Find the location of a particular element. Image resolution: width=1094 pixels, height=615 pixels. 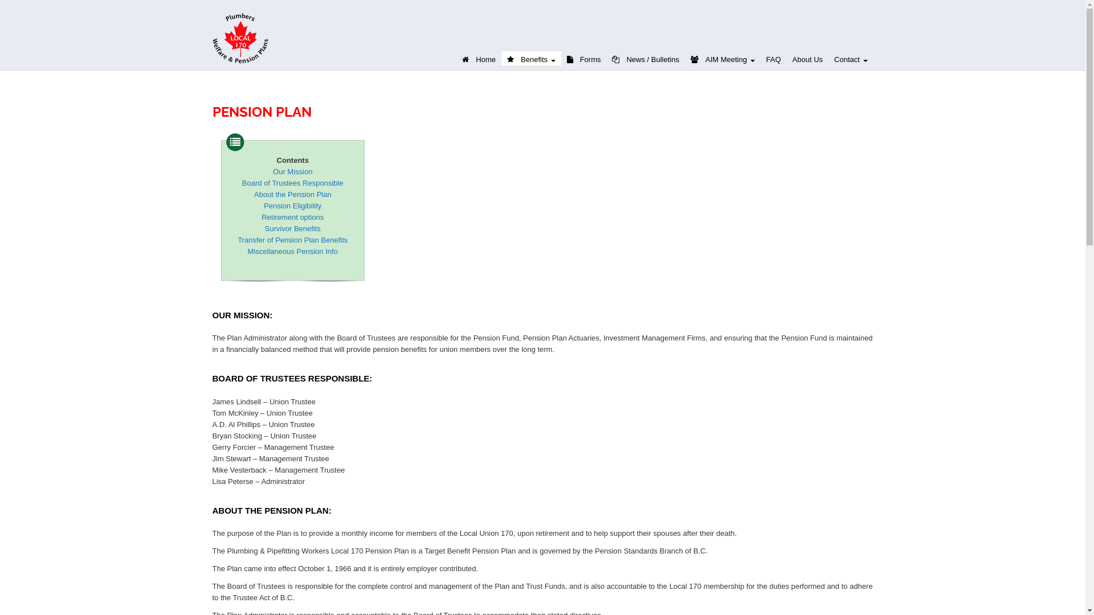

'Forms' is located at coordinates (584, 58).